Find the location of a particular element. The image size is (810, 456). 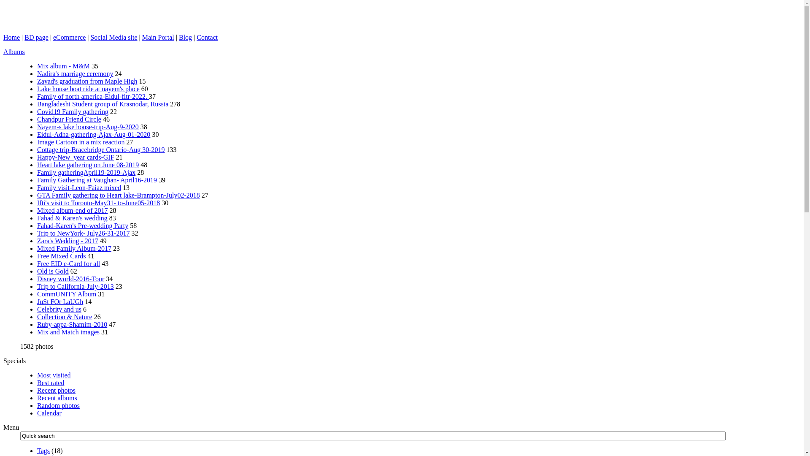

'JuSt FOr LaUGh' is located at coordinates (59, 301).